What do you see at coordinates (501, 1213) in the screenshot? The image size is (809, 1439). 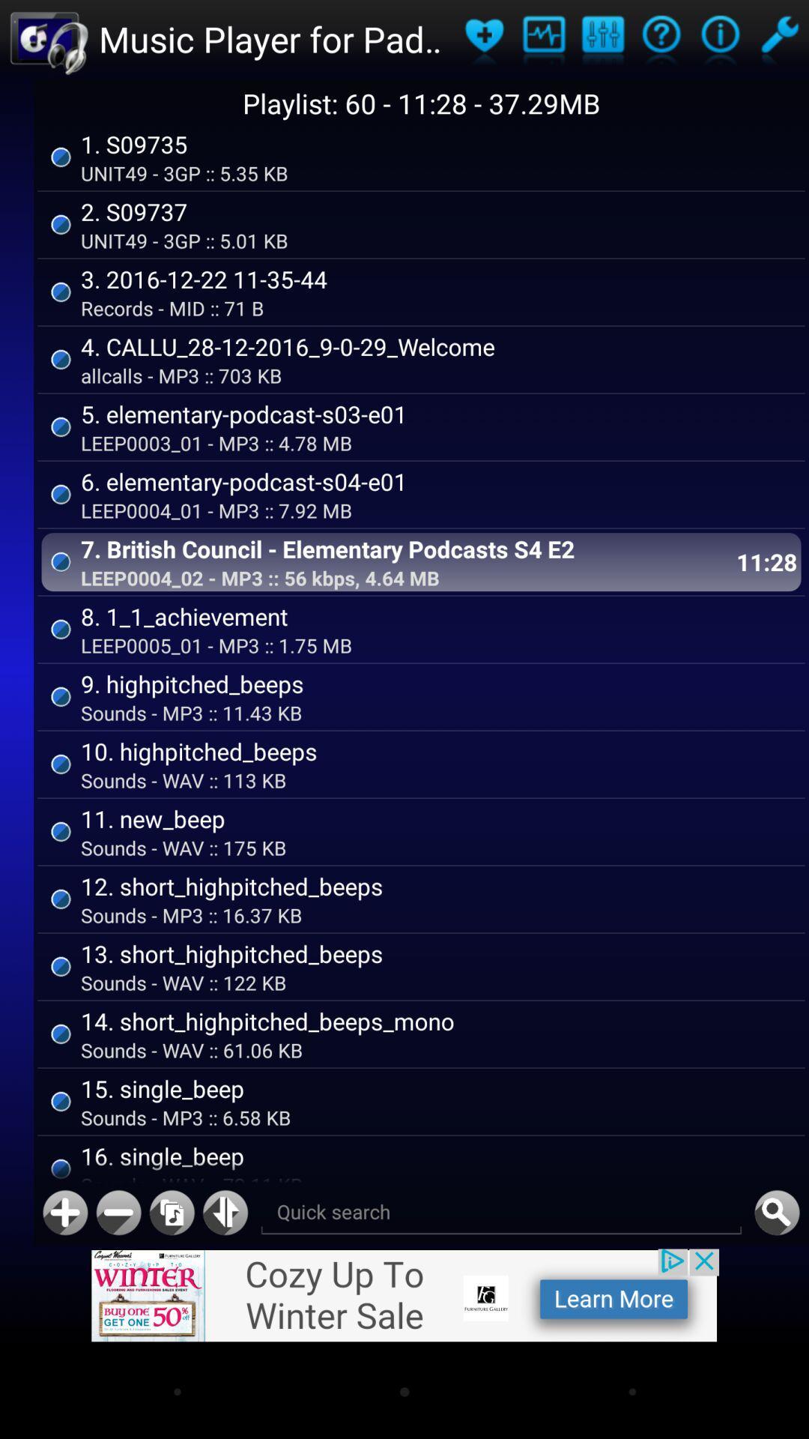 I see `search play list` at bounding box center [501, 1213].